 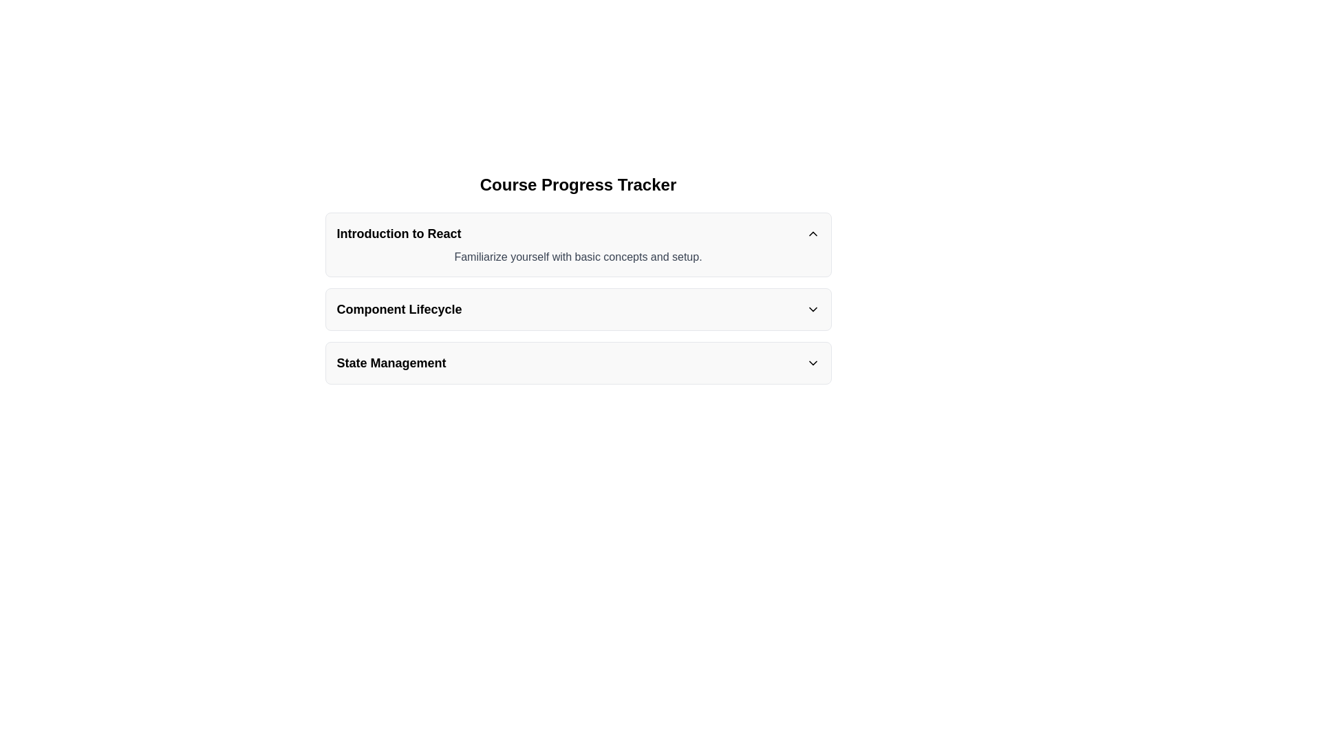 What do you see at coordinates (578, 233) in the screenshot?
I see `the title for the collapsible section labeled 'Course Progress Tracker'` at bounding box center [578, 233].